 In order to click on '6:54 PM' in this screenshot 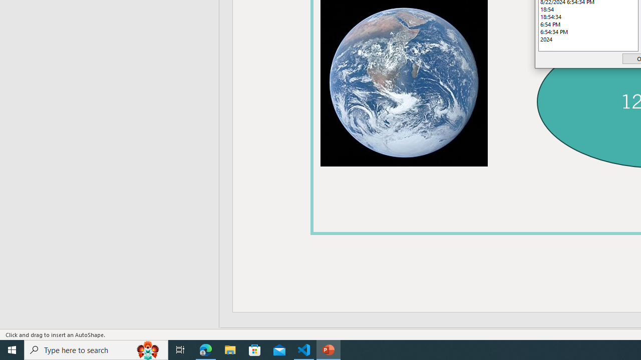, I will do `click(588, 23)`.